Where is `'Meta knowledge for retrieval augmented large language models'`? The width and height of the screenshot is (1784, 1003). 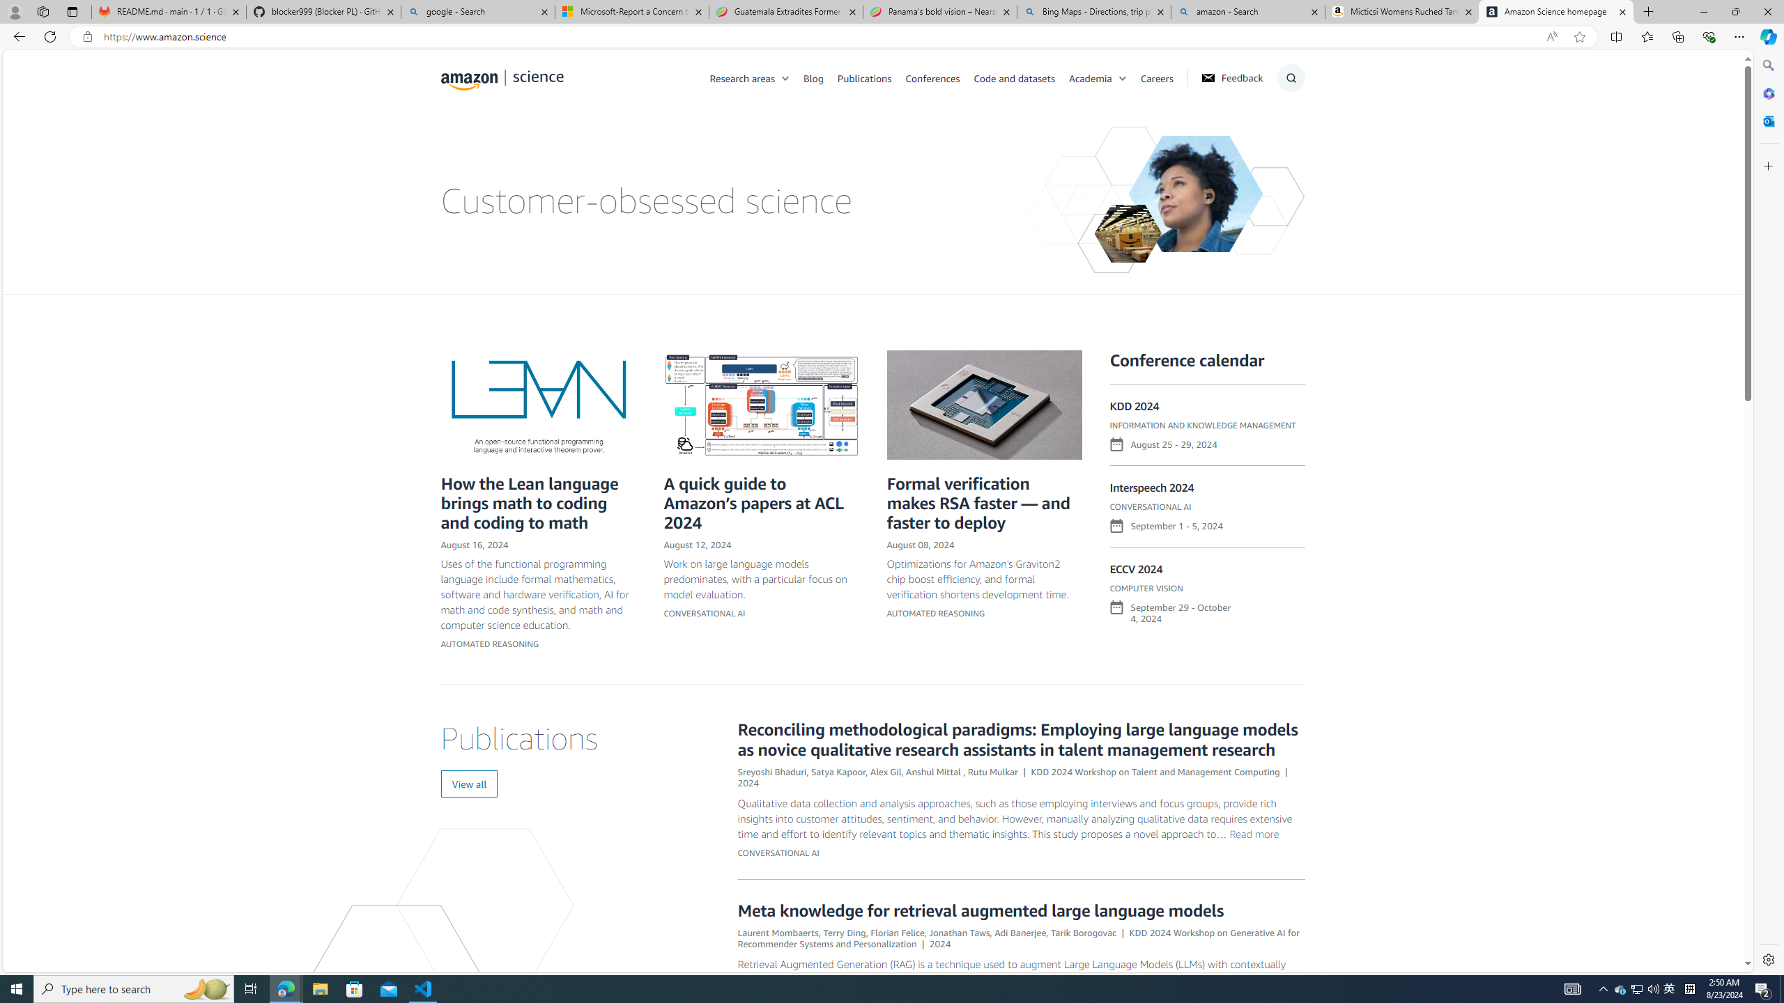 'Meta knowledge for retrieval augmented large language models' is located at coordinates (980, 909).